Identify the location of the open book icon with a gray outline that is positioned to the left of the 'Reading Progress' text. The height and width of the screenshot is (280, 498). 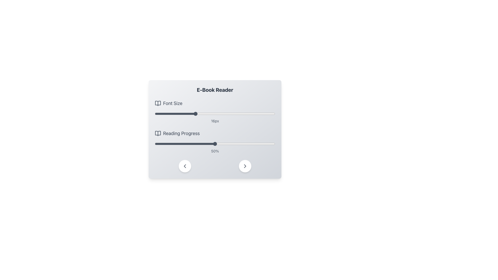
(158, 133).